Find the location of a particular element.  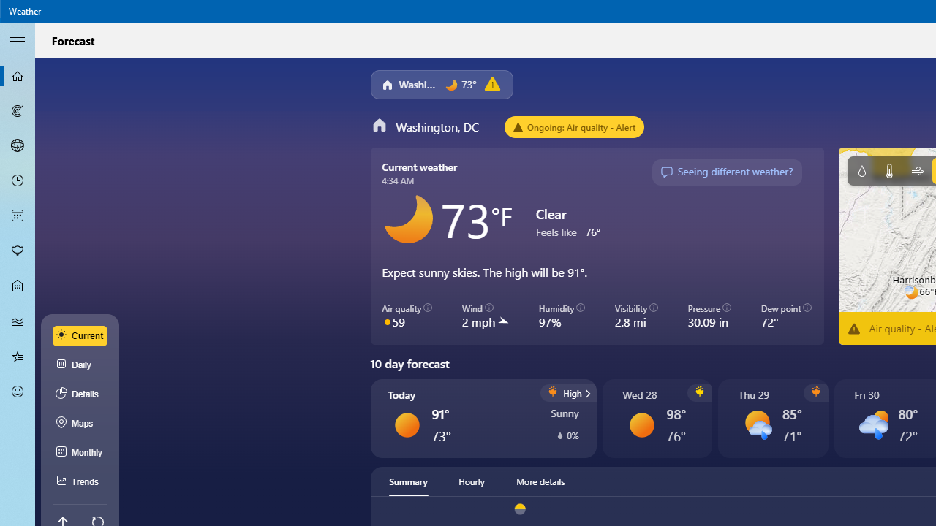

'Life - Not Selected' is located at coordinates (18, 286).